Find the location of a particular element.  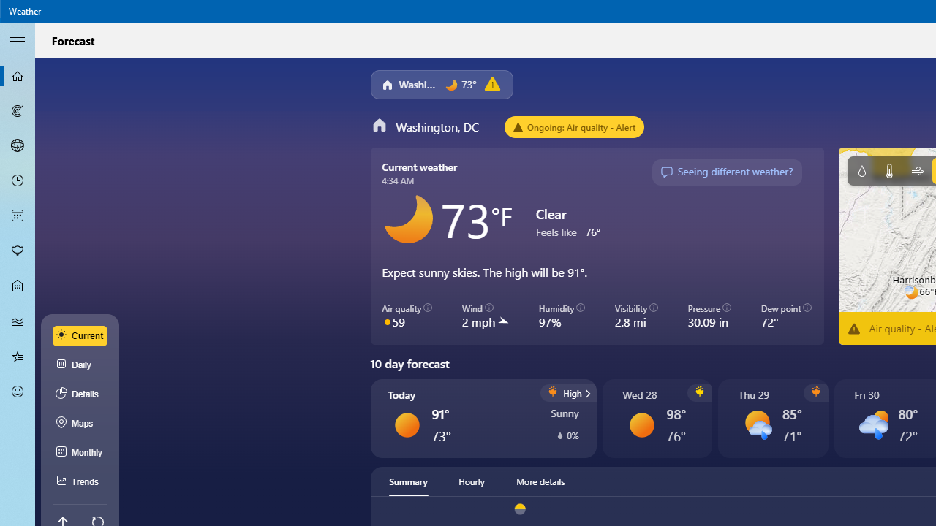

'Life - Not Selected' is located at coordinates (18, 286).